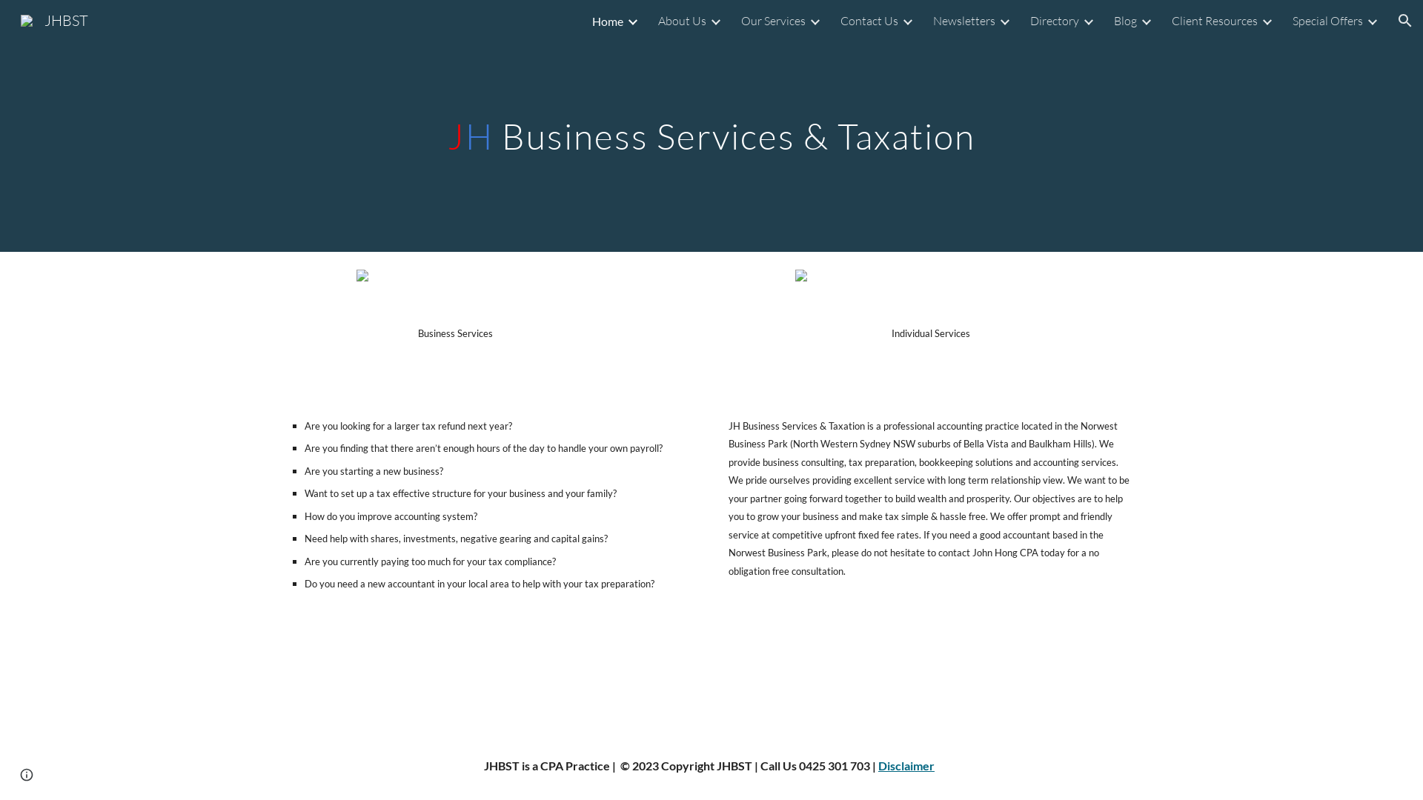  Describe the element at coordinates (906, 20) in the screenshot. I see `'Expand/Collapse'` at that location.